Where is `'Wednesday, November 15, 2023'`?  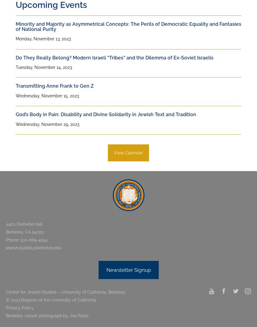
'Wednesday, November 15, 2023' is located at coordinates (47, 95).